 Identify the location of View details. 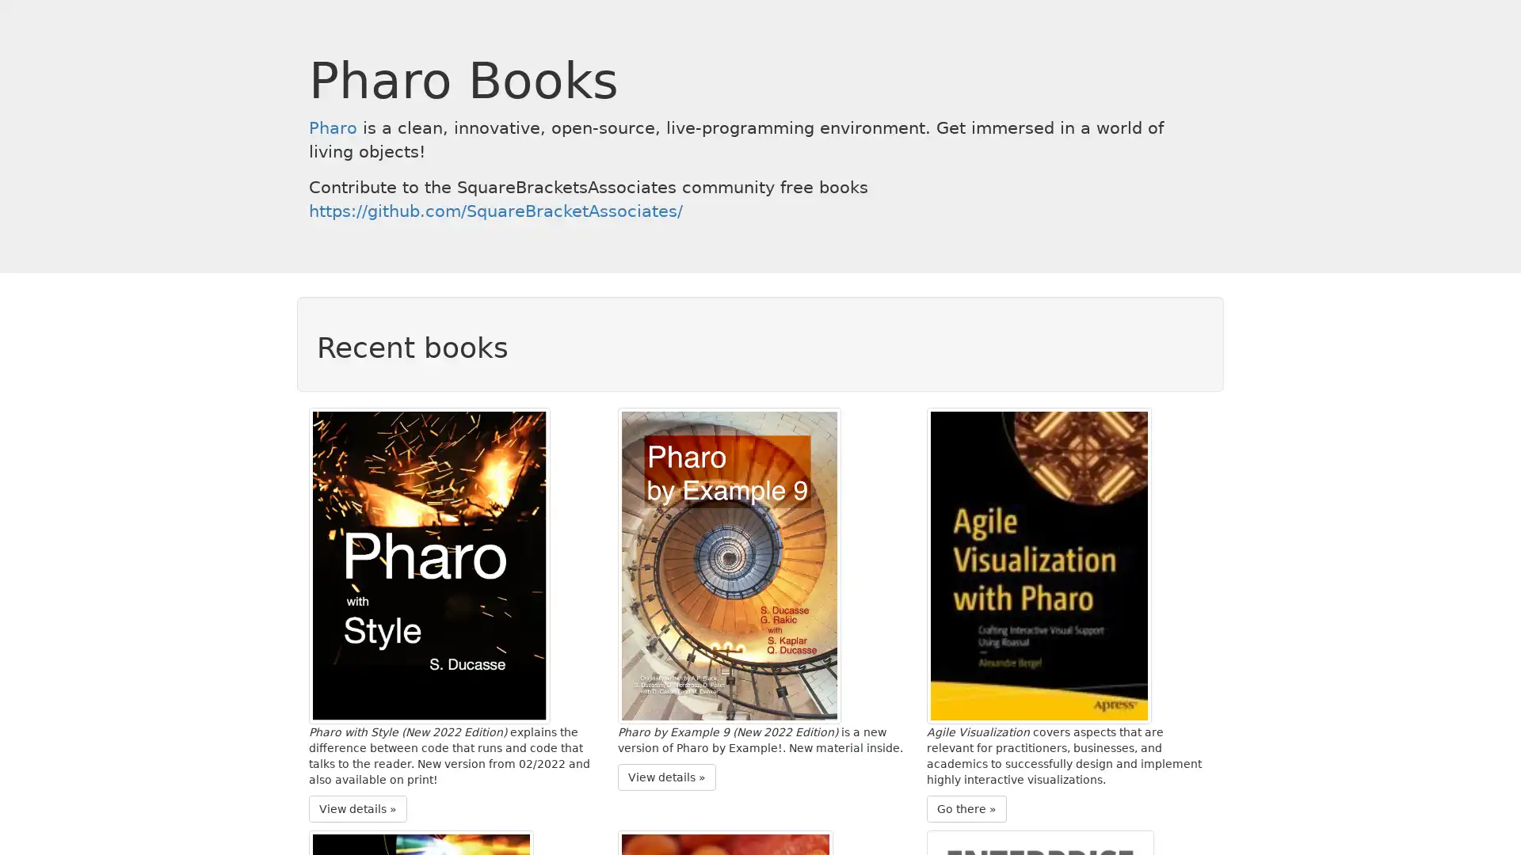
(356, 808).